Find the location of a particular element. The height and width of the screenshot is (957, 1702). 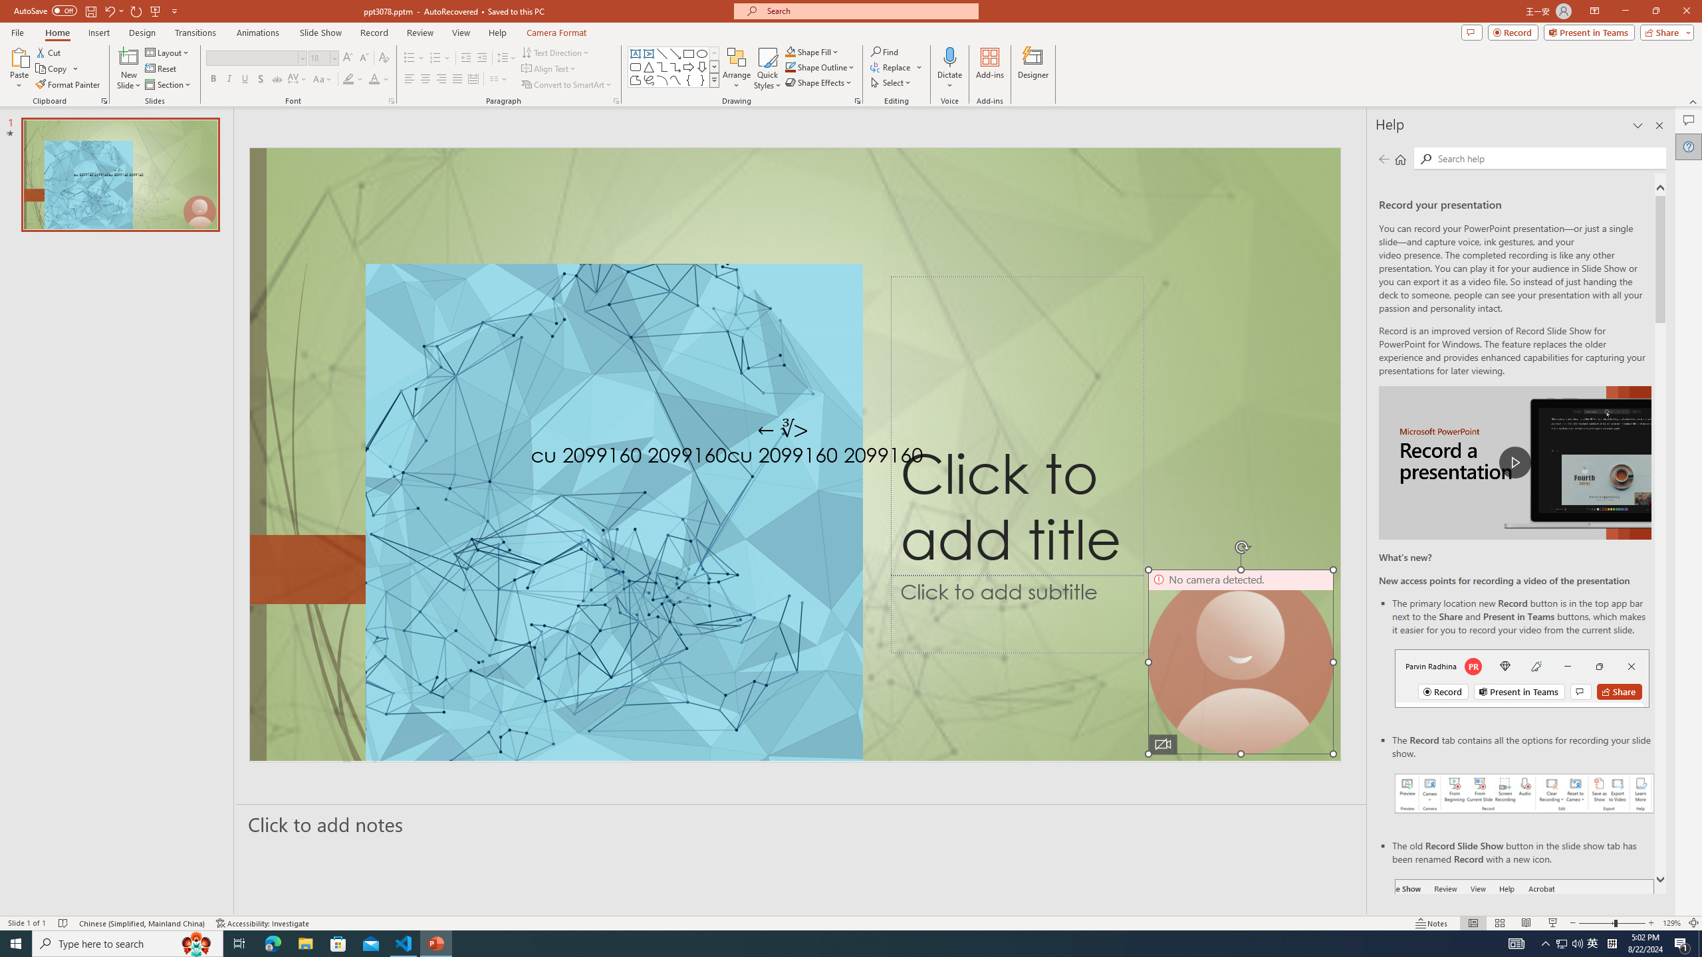

'An abstract genetic concept' is located at coordinates (794, 454).